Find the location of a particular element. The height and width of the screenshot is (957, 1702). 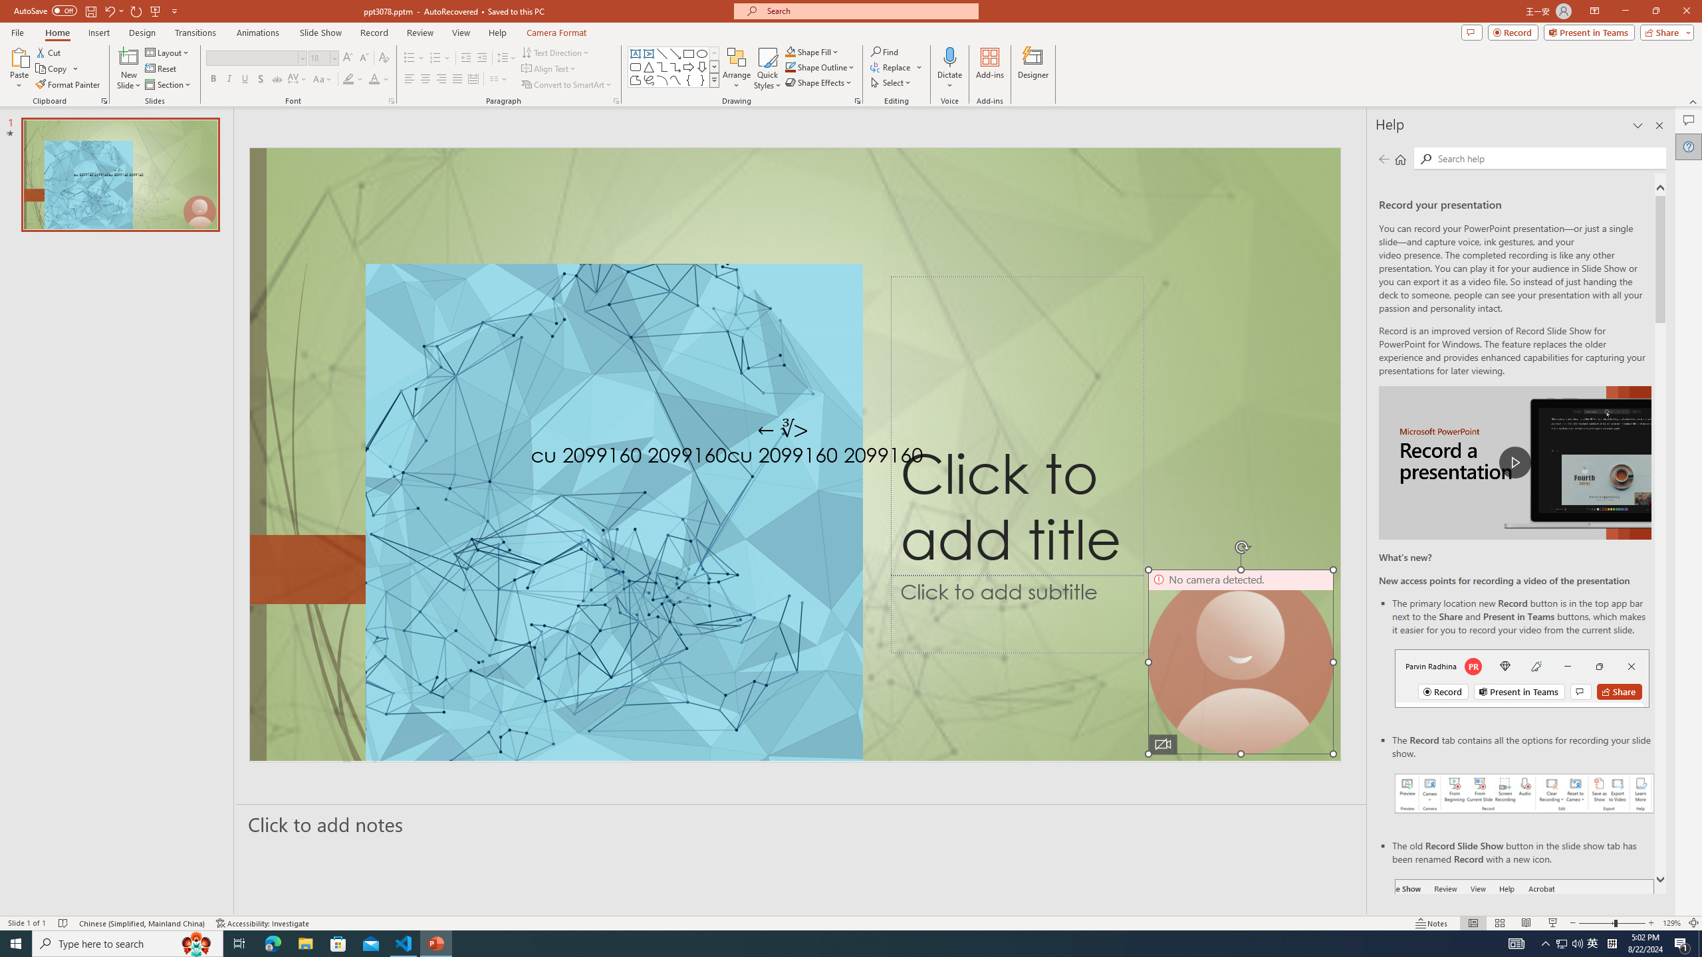

'An abstract genetic concept' is located at coordinates (794, 454).